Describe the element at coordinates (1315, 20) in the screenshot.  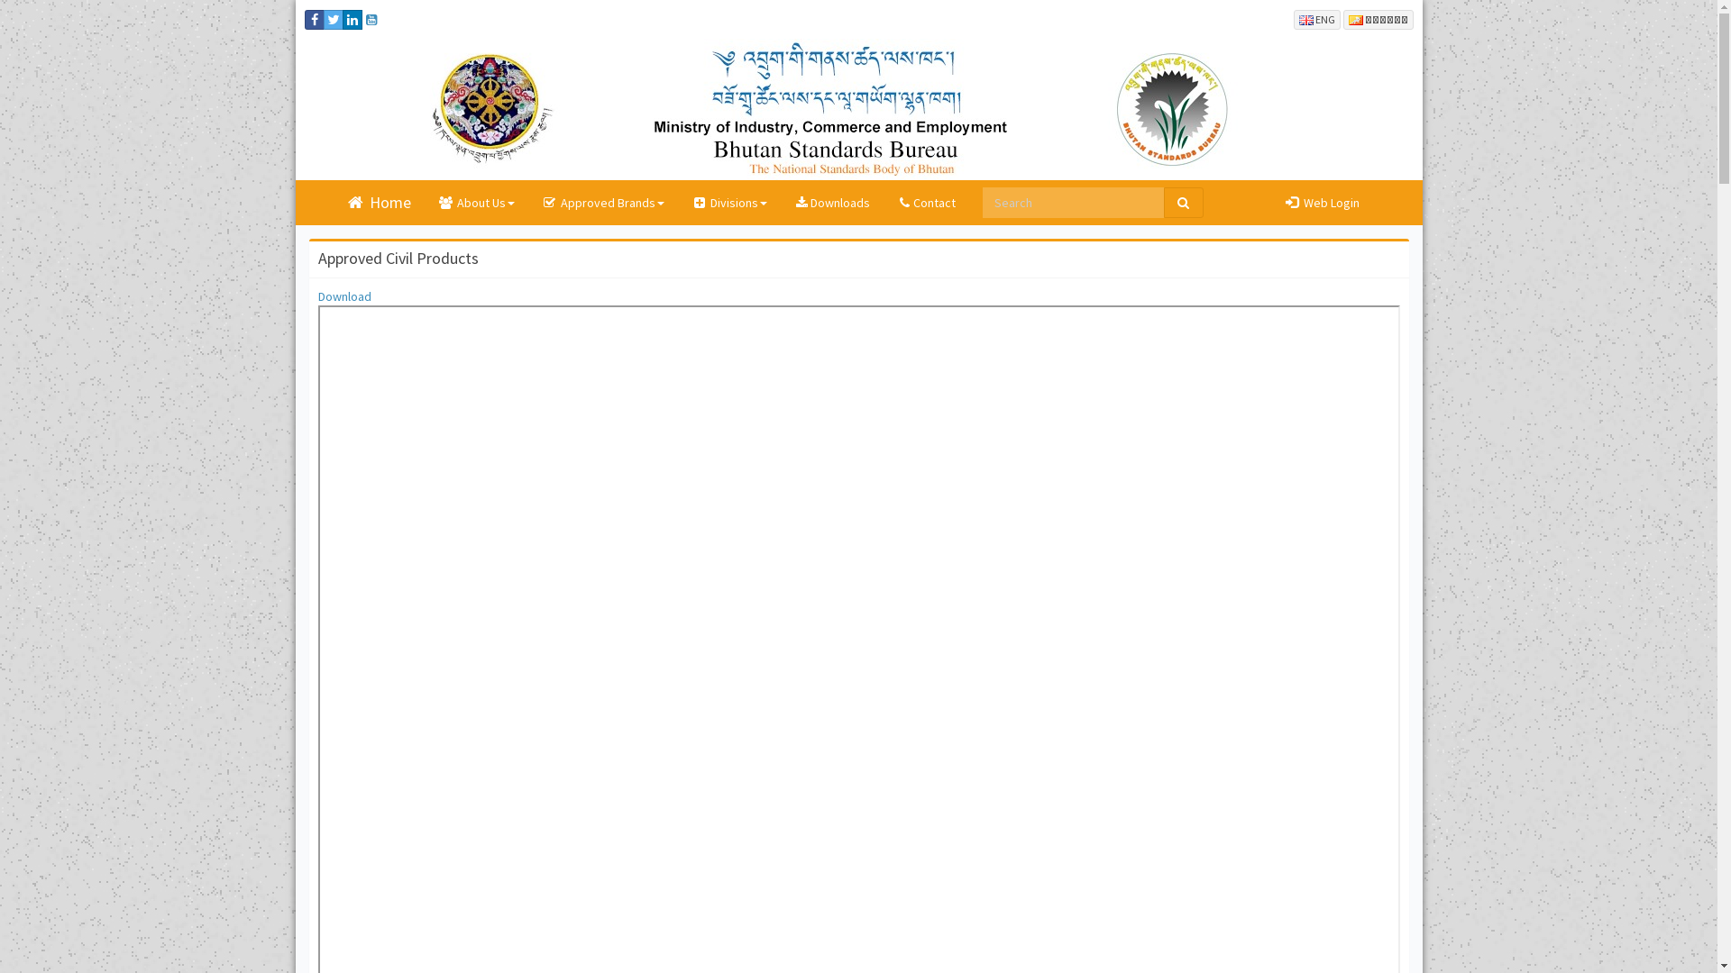
I see `'ENG'` at that location.